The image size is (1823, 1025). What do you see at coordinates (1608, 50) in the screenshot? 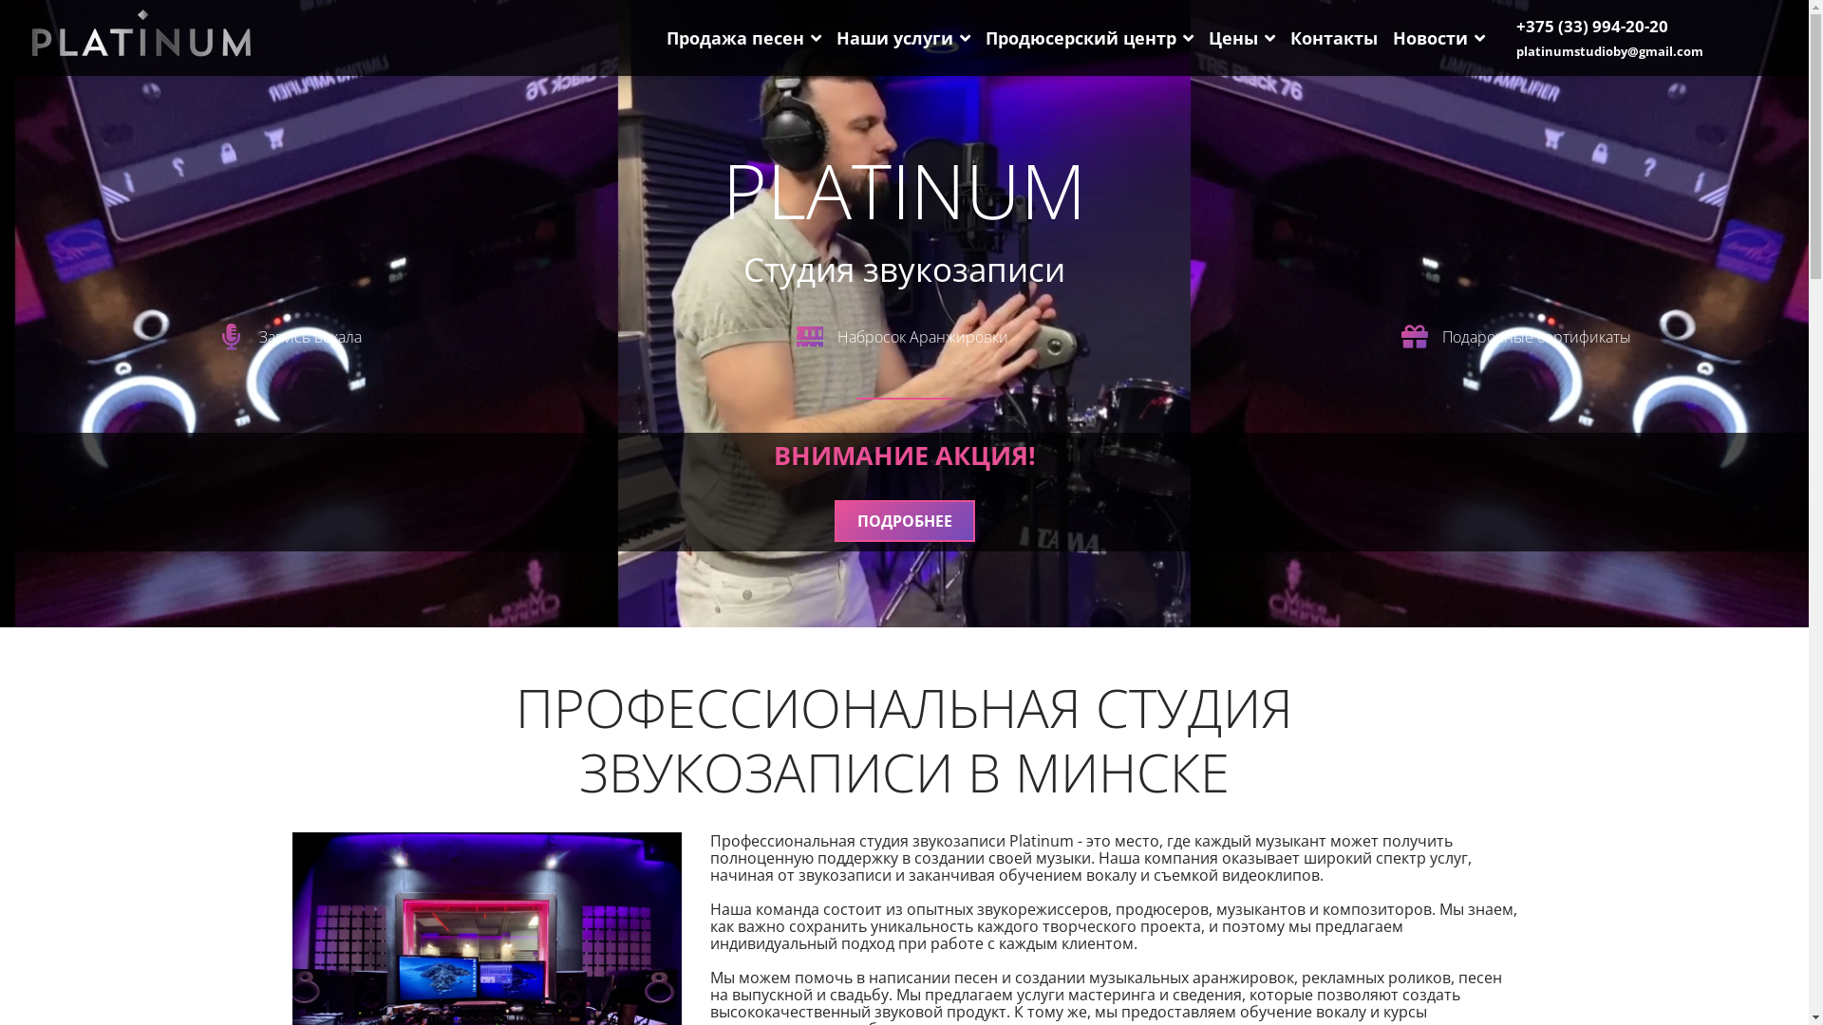
I see `'platinumstudioby@gmail.com'` at bounding box center [1608, 50].